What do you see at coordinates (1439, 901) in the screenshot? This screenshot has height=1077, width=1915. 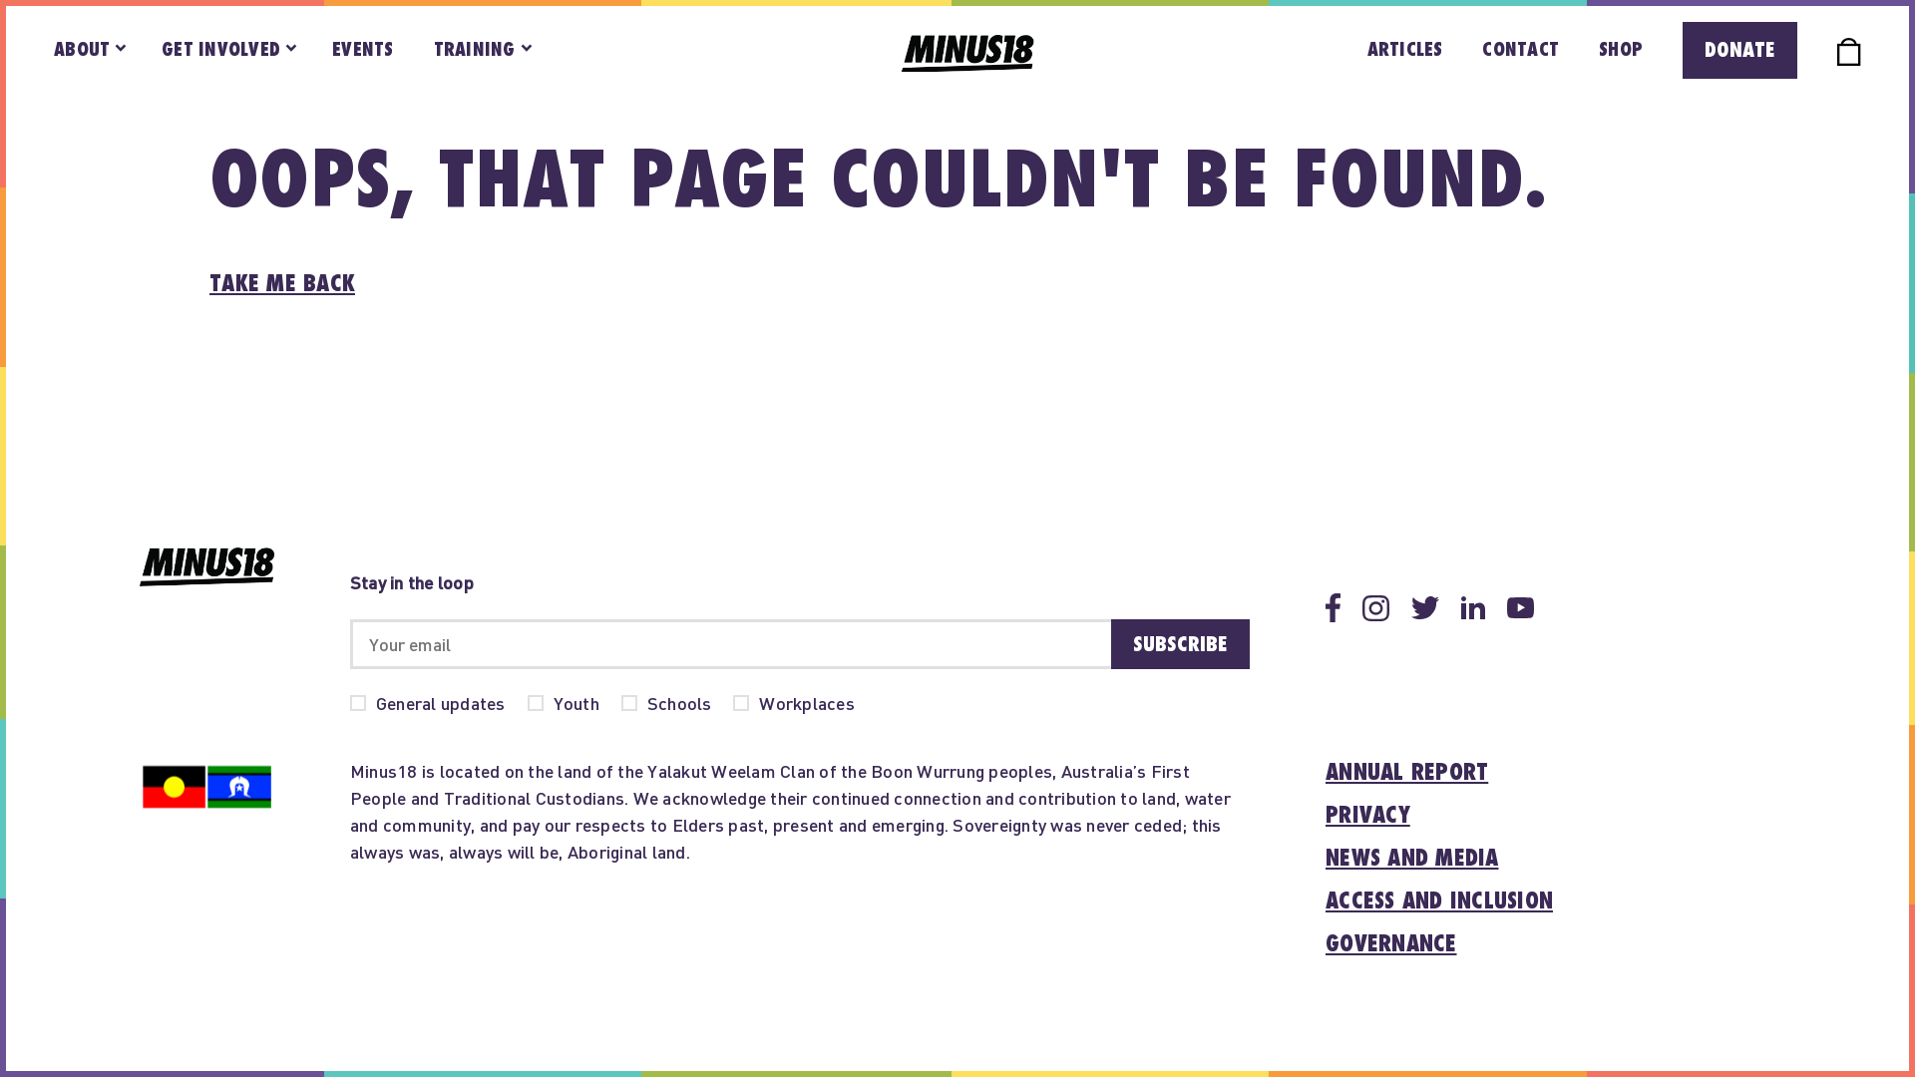 I see `'ACCESS AND INCLUSION'` at bounding box center [1439, 901].